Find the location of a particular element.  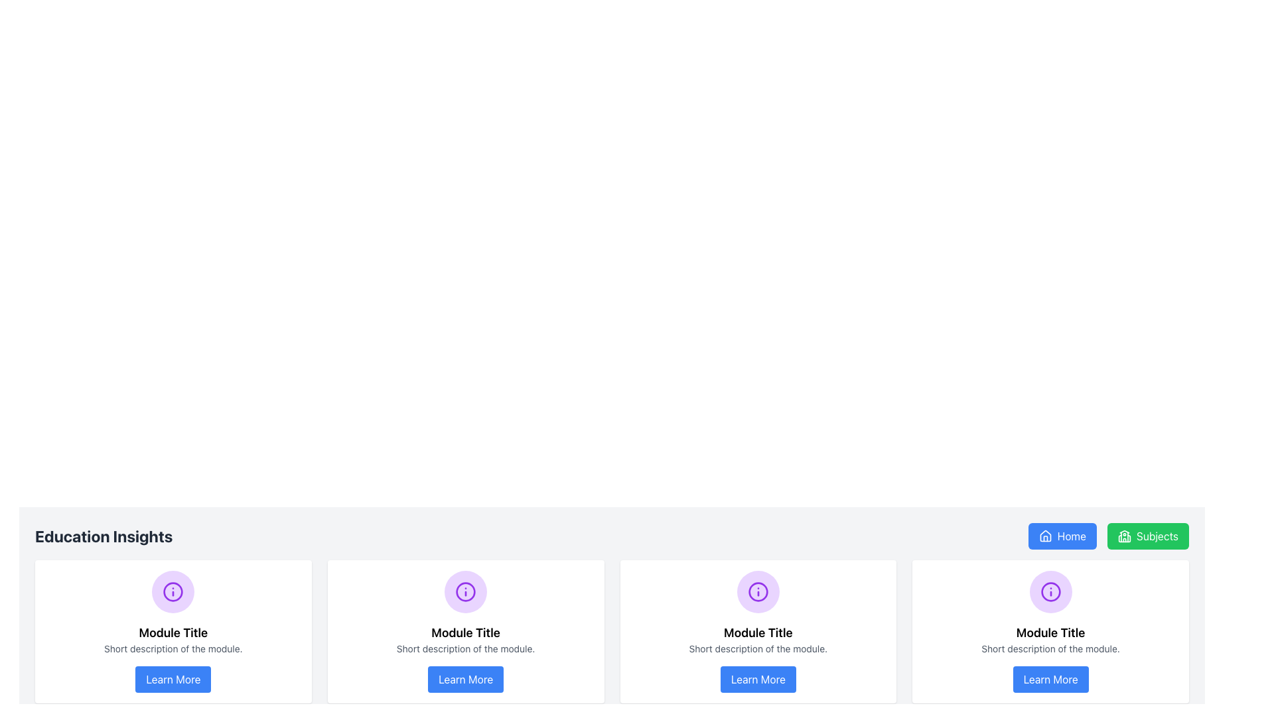

text from the Informational Card located in the middle column of three tiles, positioned above the 'Learn More' button is located at coordinates (466, 613).